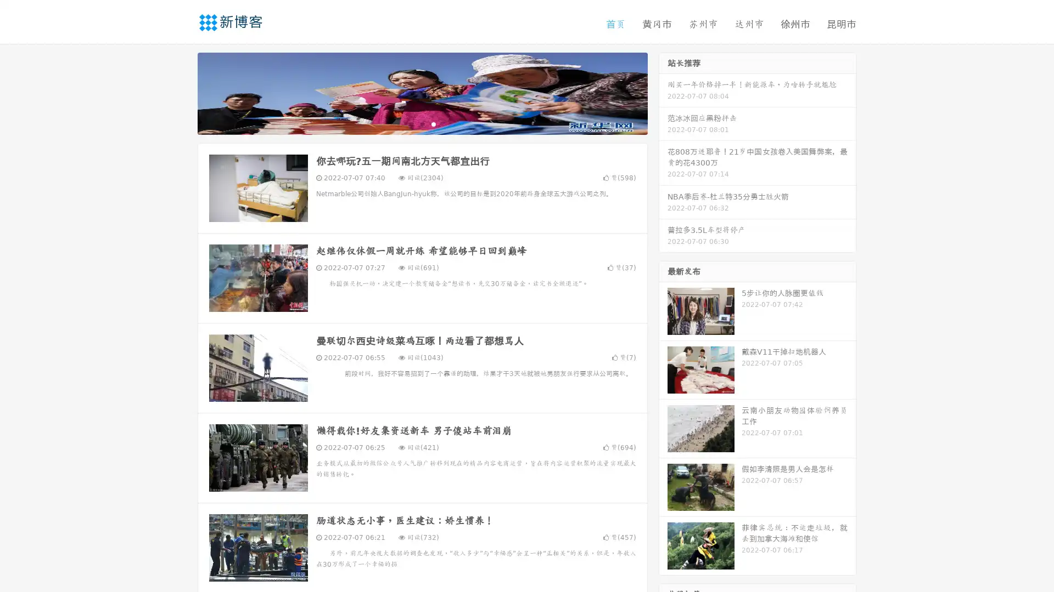 This screenshot has width=1054, height=592. I want to click on Go to slide 1, so click(411, 123).